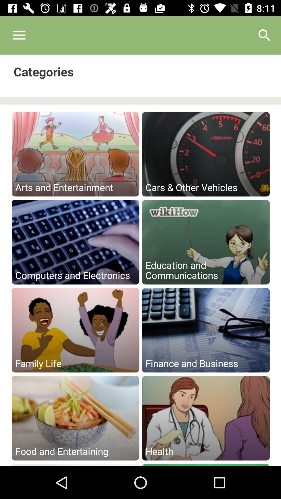 This screenshot has width=281, height=499. I want to click on description, so click(140, 260).